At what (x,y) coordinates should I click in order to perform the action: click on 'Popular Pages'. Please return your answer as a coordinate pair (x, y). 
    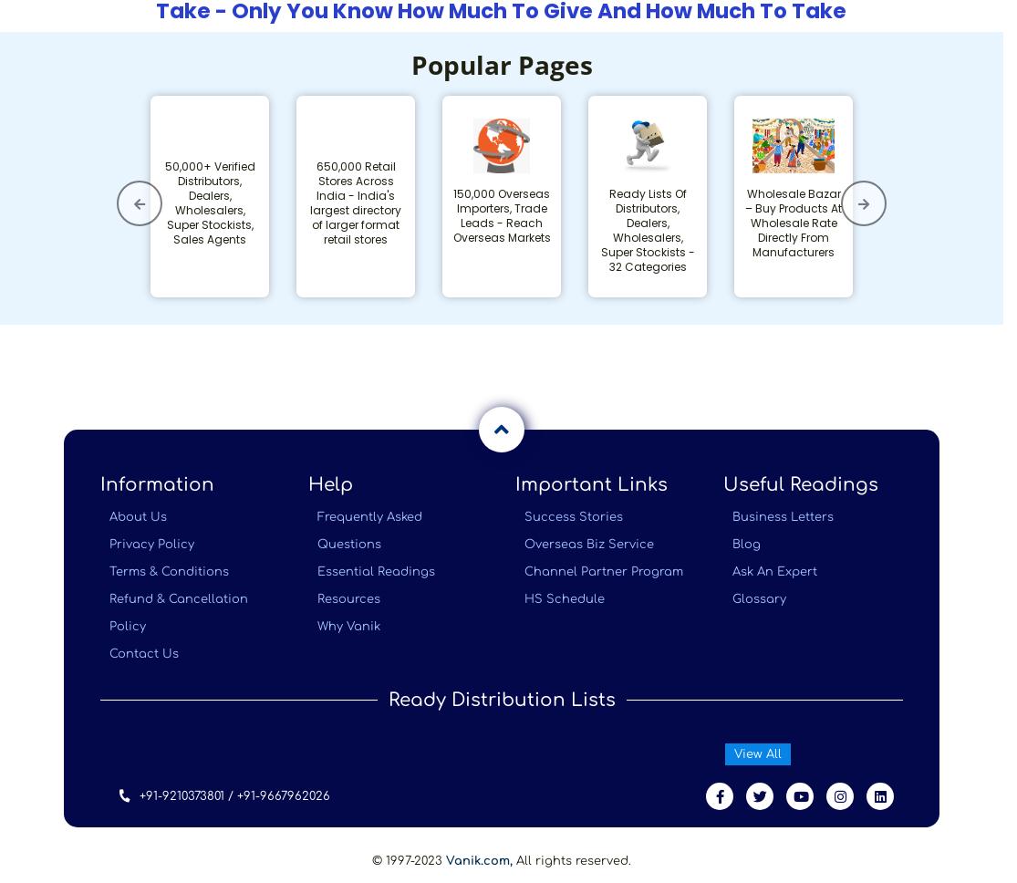
    Looking at the image, I should click on (501, 62).